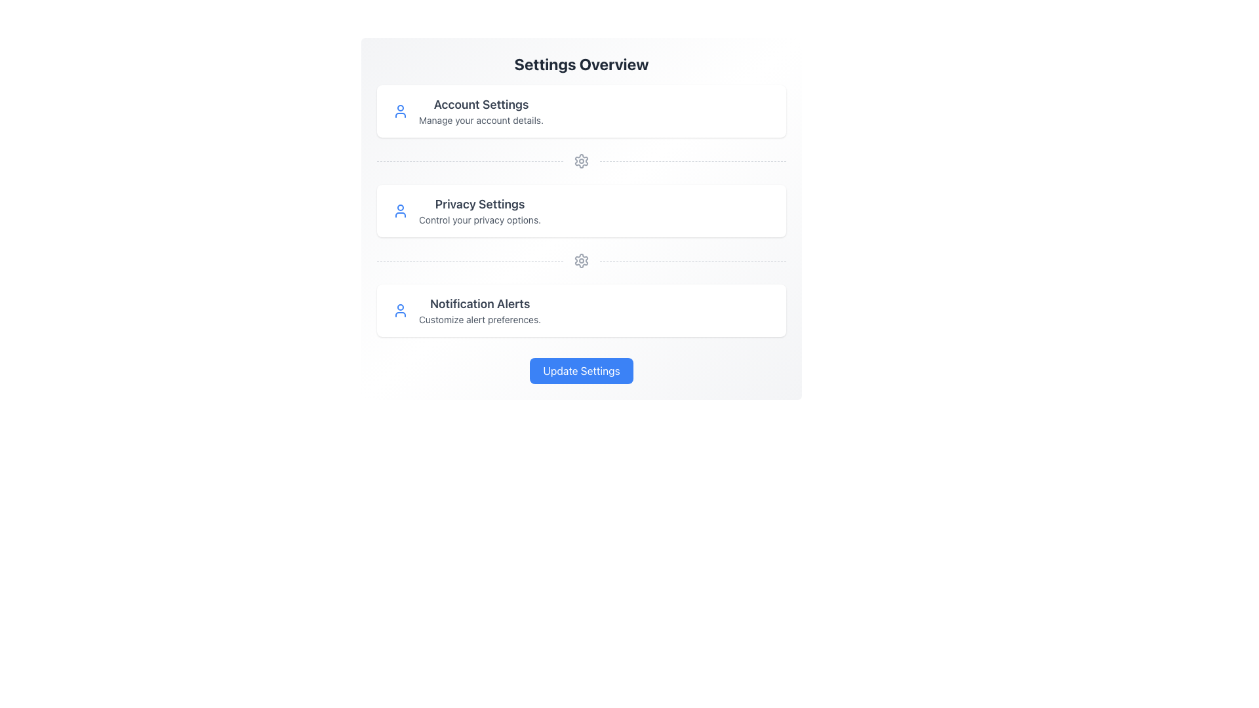 This screenshot has width=1259, height=708. I want to click on the settings icon located at the center of the interface, beneath the 'Privacy Settings' section and above the 'Notification Alerts' section, so click(581, 161).